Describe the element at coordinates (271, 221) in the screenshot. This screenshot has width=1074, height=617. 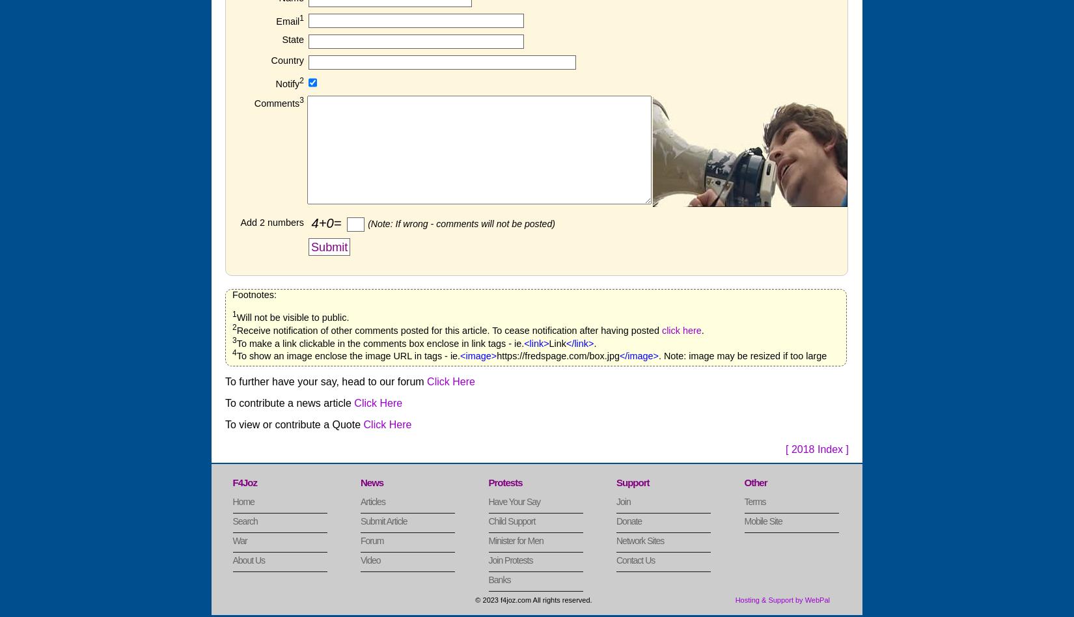
I see `'Add 2 numbers'` at that location.